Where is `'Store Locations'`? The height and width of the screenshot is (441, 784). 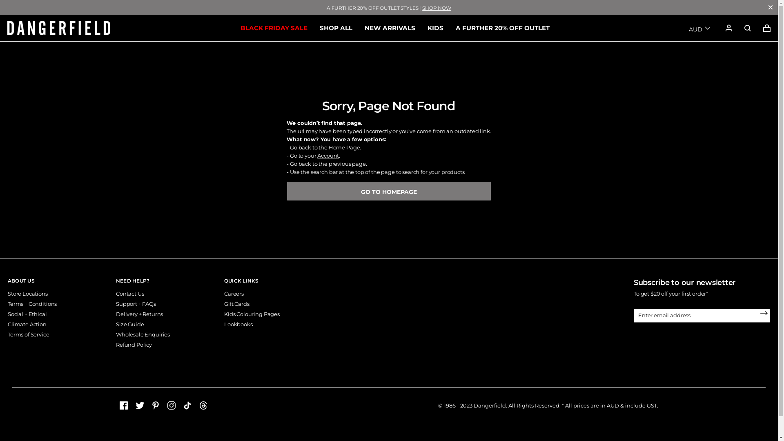 'Store Locations' is located at coordinates (8, 293).